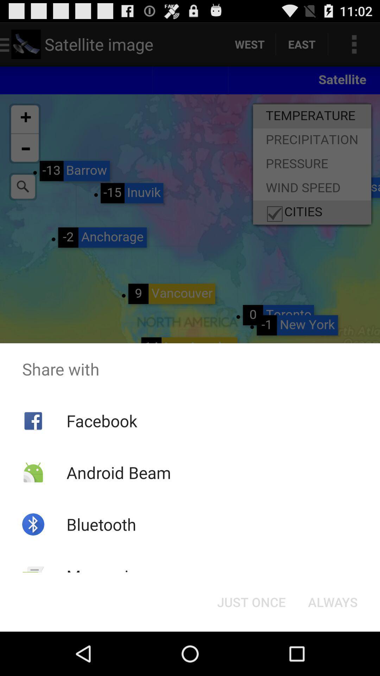 This screenshot has height=676, width=380. What do you see at coordinates (251, 601) in the screenshot?
I see `the item below share with icon` at bounding box center [251, 601].